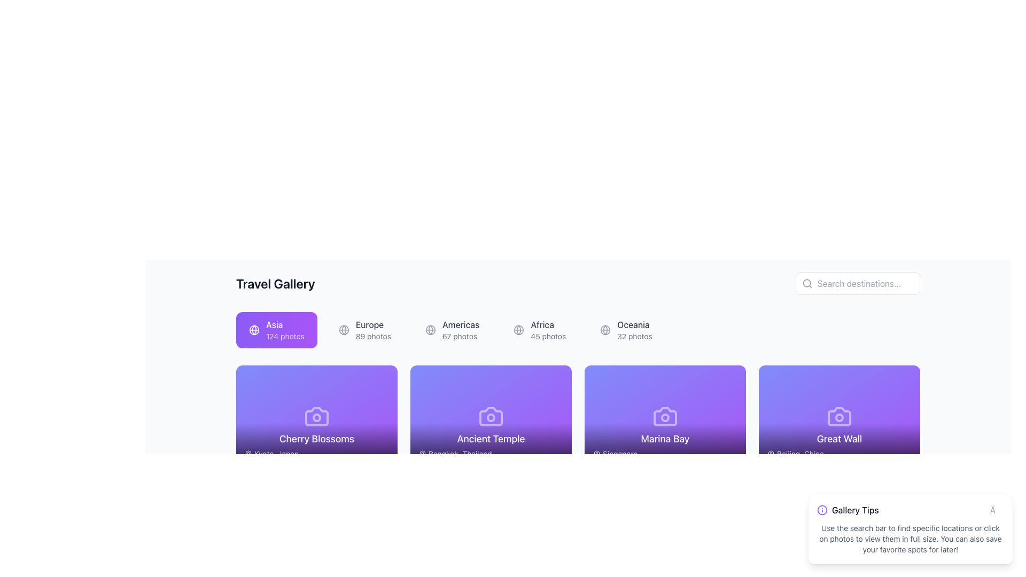  I want to click on the text label that identifies the main subject of the card, which is 'Cherry Blossoms', located at the bottom center of the card just above the footer section, so click(316, 439).